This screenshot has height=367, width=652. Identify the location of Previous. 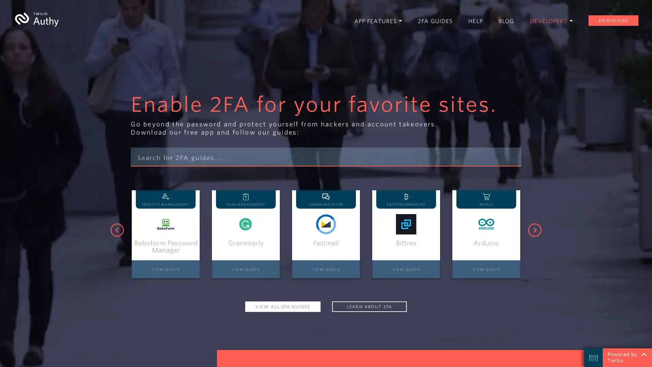
(117, 230).